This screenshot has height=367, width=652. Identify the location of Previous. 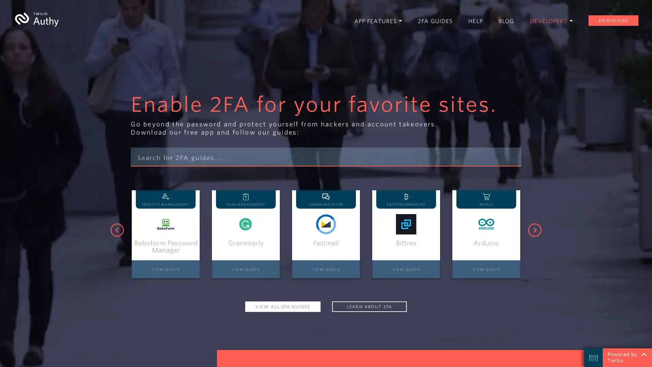
(117, 230).